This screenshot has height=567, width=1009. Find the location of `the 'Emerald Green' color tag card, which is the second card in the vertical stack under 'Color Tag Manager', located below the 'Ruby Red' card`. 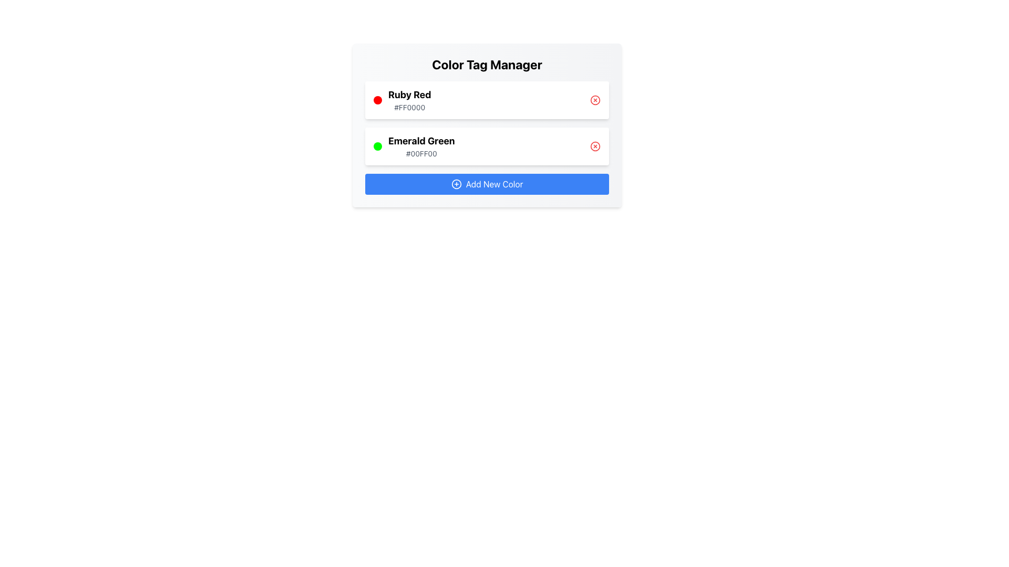

the 'Emerald Green' color tag card, which is the second card in the vertical stack under 'Color Tag Manager', located below the 'Ruby Red' card is located at coordinates (486, 146).